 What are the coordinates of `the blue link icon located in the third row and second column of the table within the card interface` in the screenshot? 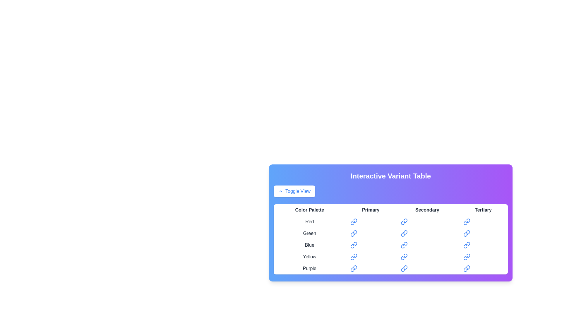 It's located at (353, 245).